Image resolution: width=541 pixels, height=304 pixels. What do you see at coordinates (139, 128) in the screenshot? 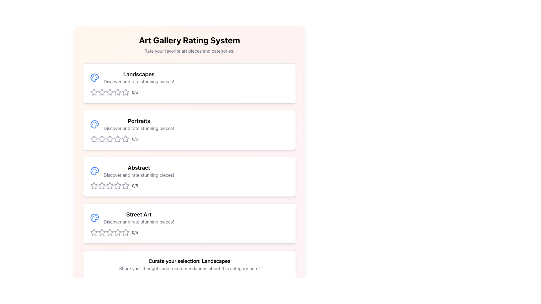
I see `the text label that reads 'Discover and rate stunning pieces!' located below the heading 'Portraits' in the second card of a vertical list` at bounding box center [139, 128].